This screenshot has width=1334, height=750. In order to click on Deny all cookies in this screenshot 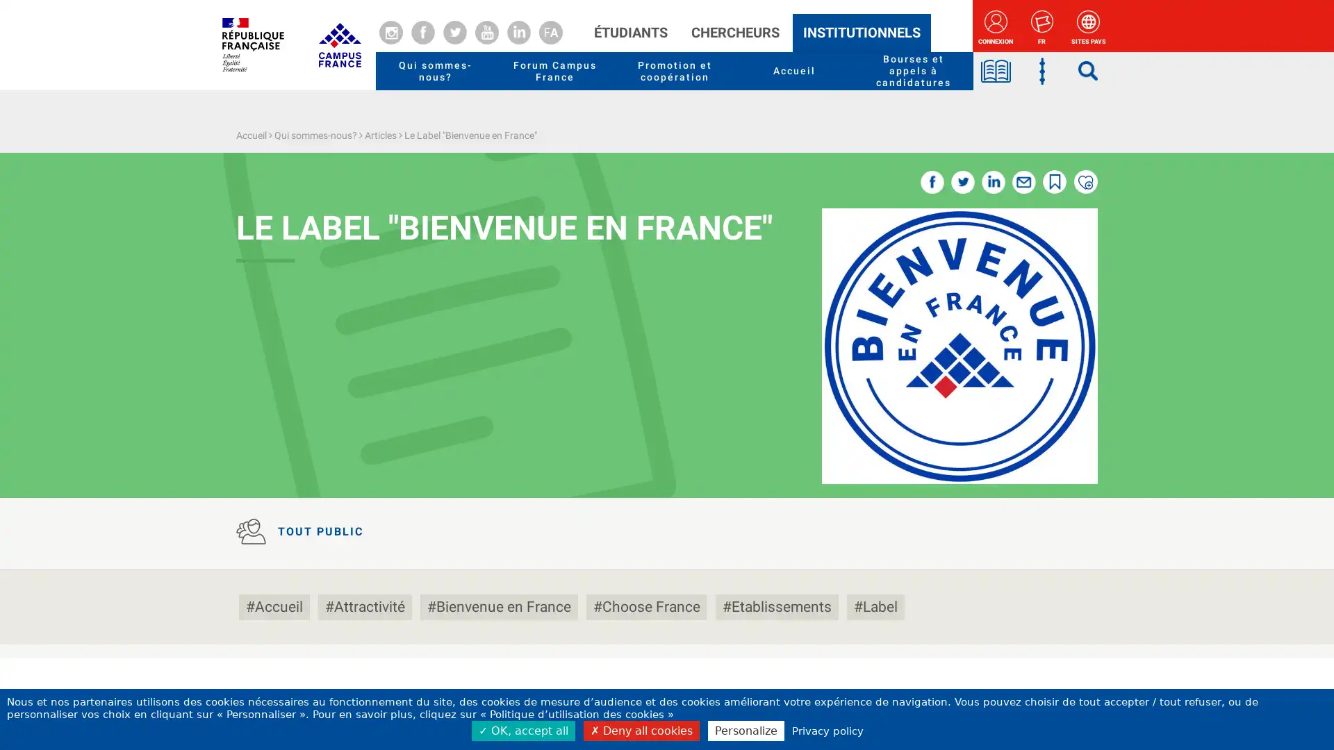, I will do `click(640, 730)`.